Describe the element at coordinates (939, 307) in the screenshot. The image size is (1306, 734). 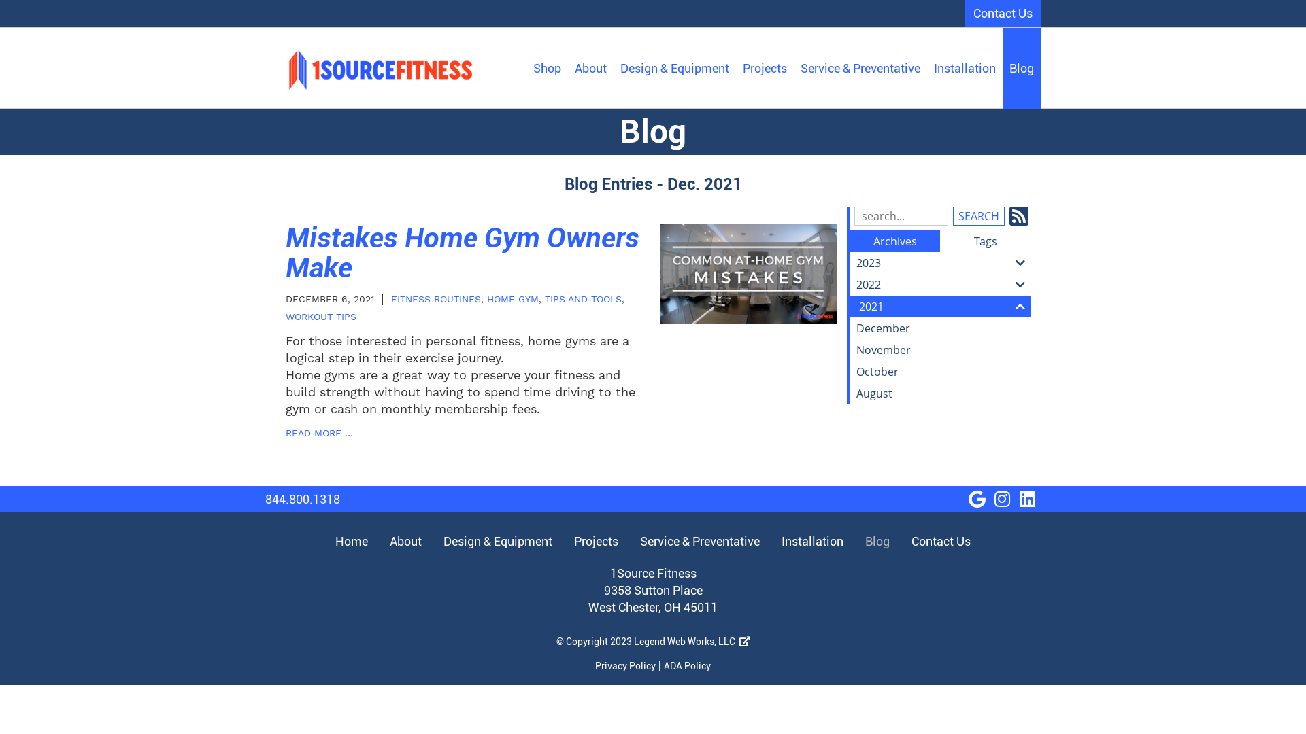
I see `'2021'` at that location.